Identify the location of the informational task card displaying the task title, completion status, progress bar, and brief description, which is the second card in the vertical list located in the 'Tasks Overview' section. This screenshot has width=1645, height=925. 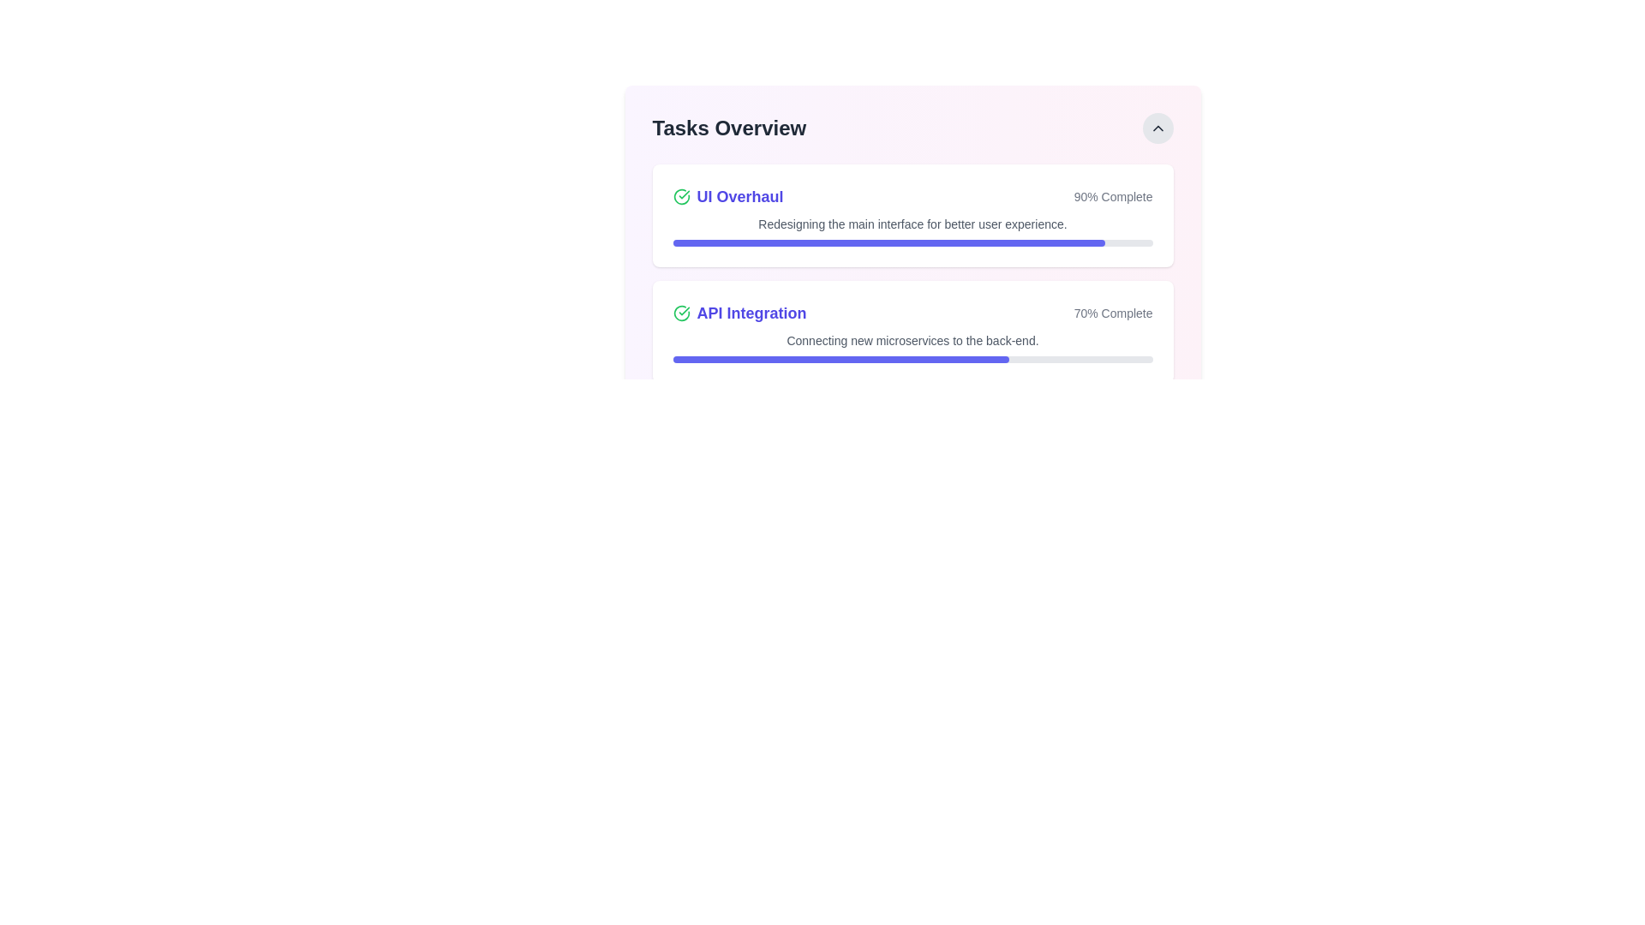
(912, 332).